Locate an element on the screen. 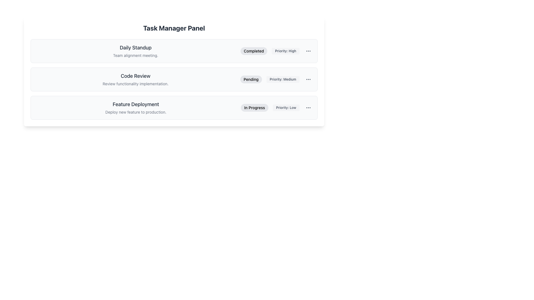 The width and height of the screenshot is (534, 300). the IconButton represented by three horizontal dots, styled in gray with rounded edges, located to the far-right of the 'Code Review' task item is located at coordinates (308, 79).